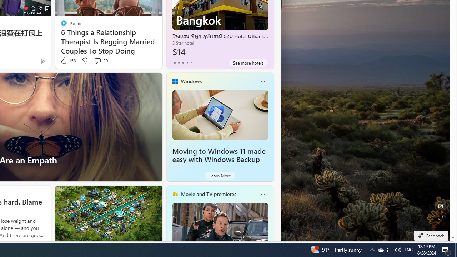  I want to click on 'tab-1', so click(179, 62).